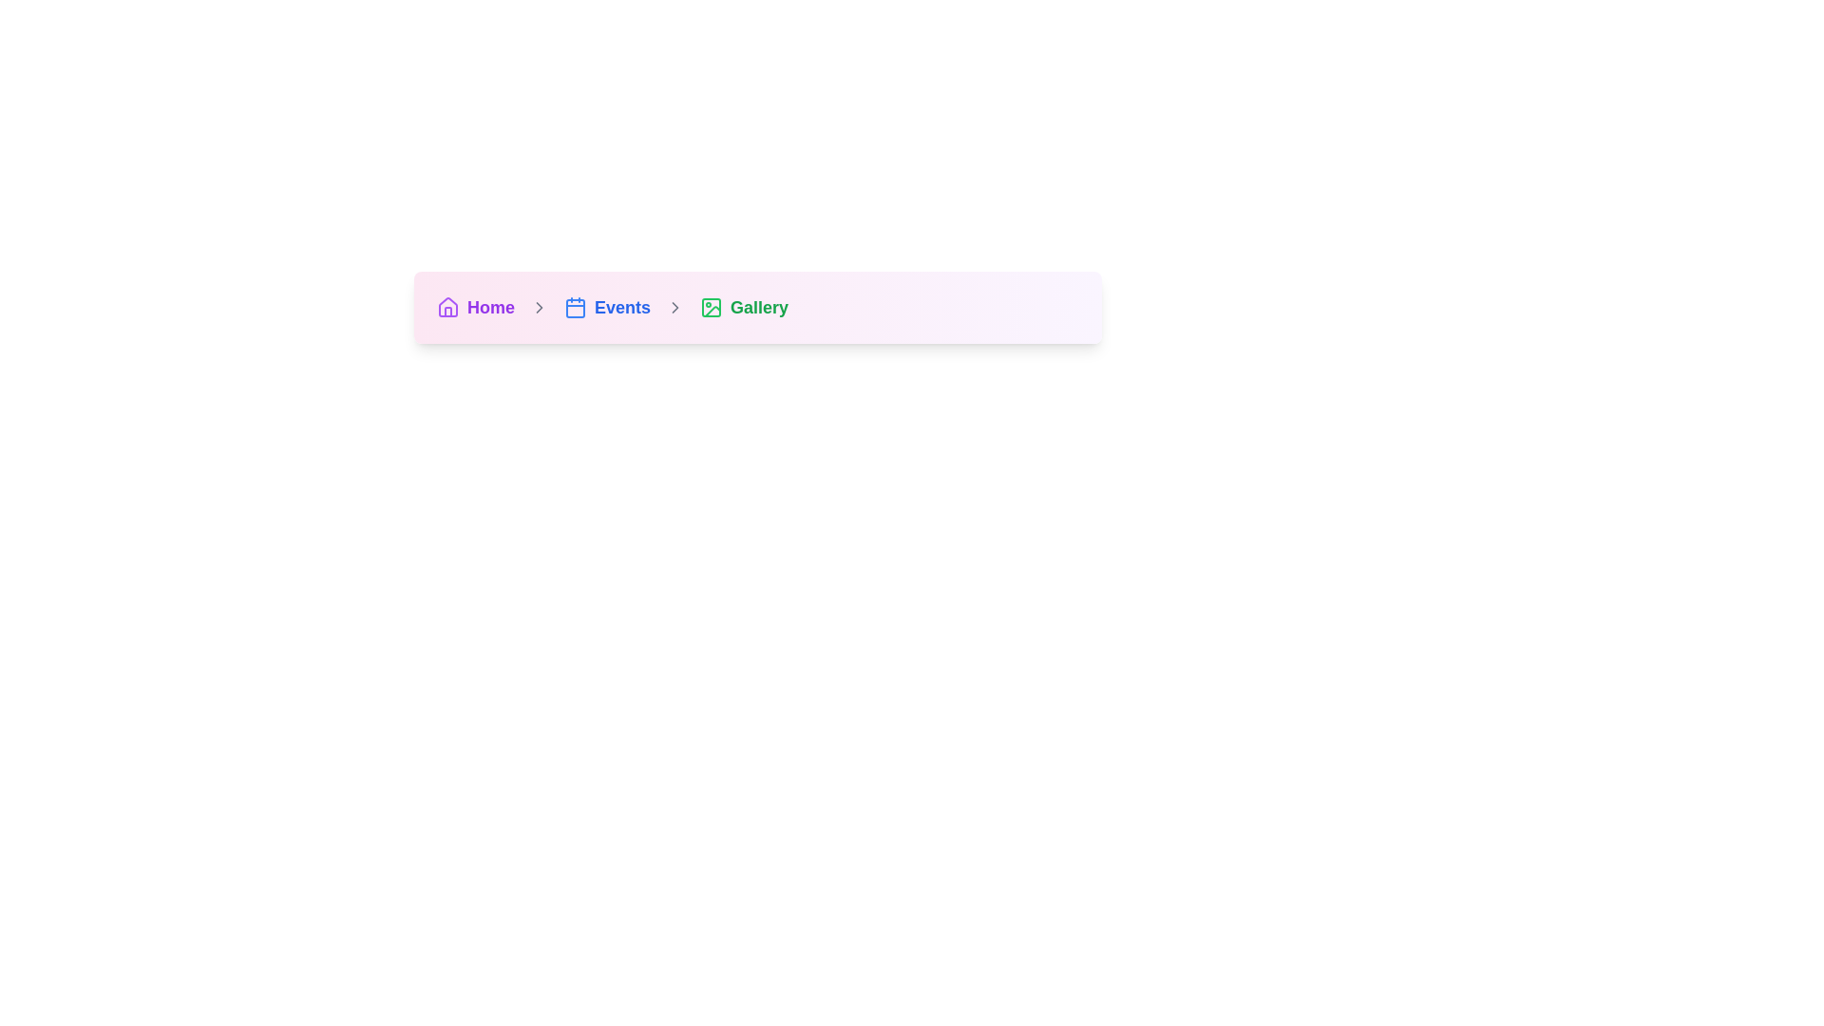  What do you see at coordinates (756, 307) in the screenshot?
I see `the breadcrumb navigation component, which is a gradient bar containing 'Home', 'Events', and 'Gallery' sections` at bounding box center [756, 307].